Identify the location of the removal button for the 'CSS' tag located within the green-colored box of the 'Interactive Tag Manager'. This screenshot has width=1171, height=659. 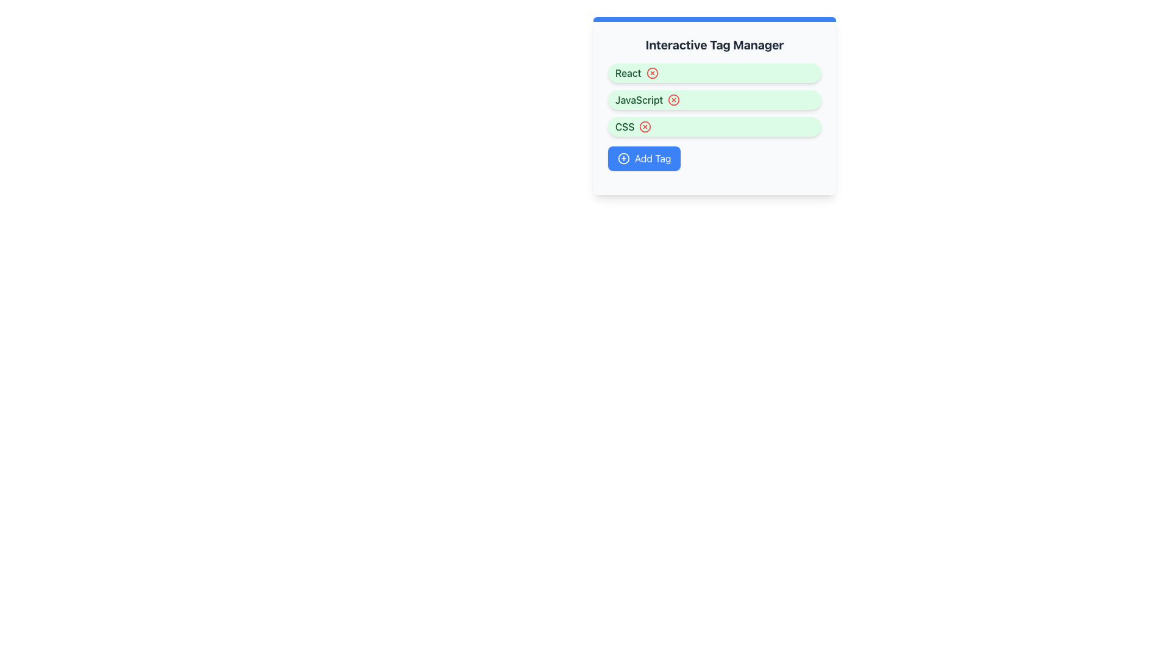
(645, 127).